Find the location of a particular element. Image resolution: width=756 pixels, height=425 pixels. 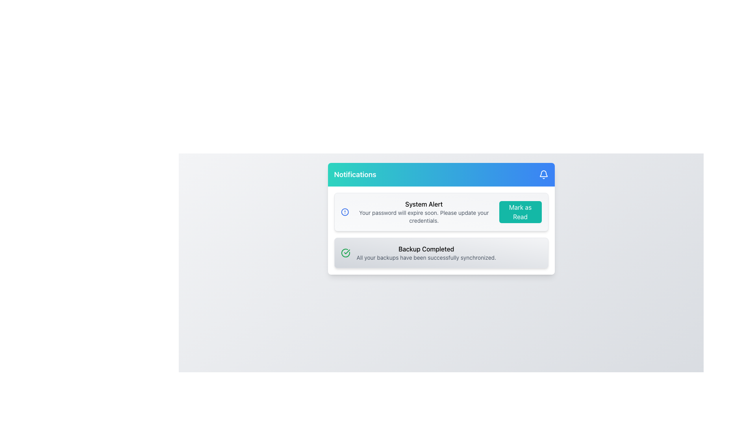

the completion icon located in the second notification card of the 'Notifications' panel, which signifies that the backup operation has been completed, next to the text 'Backup Completed' is located at coordinates (345, 253).